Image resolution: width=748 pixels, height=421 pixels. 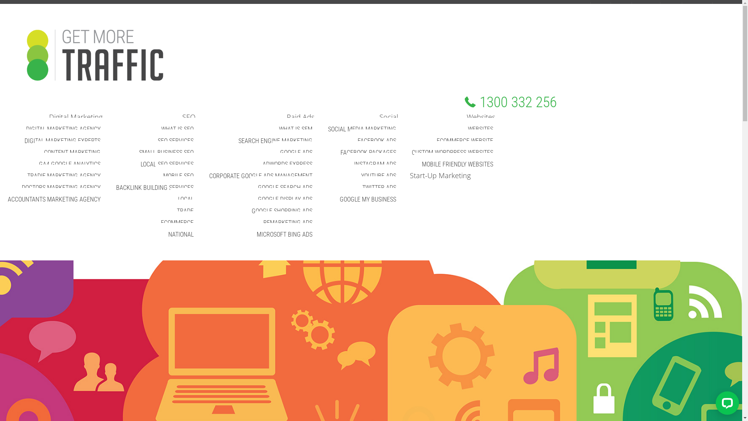 What do you see at coordinates (288, 223) in the screenshot?
I see `'REMARKETING ADS'` at bounding box center [288, 223].